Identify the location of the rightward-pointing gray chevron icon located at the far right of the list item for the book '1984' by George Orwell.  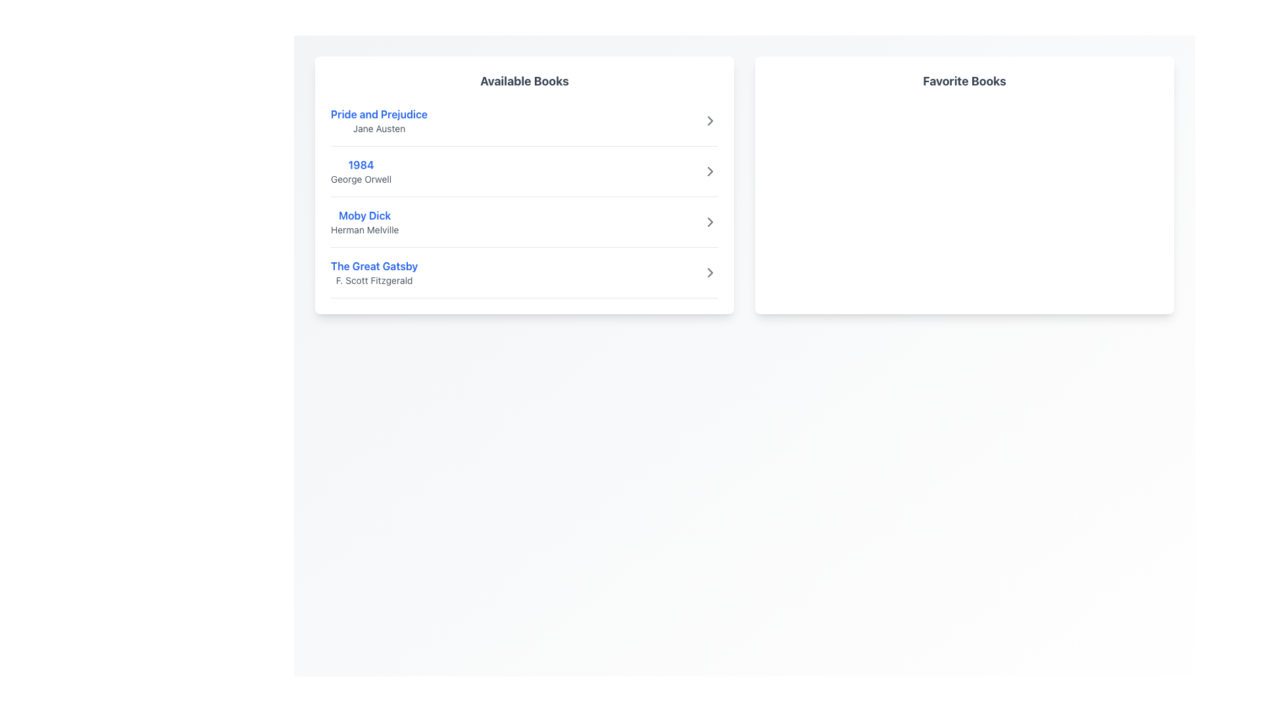
(710, 171).